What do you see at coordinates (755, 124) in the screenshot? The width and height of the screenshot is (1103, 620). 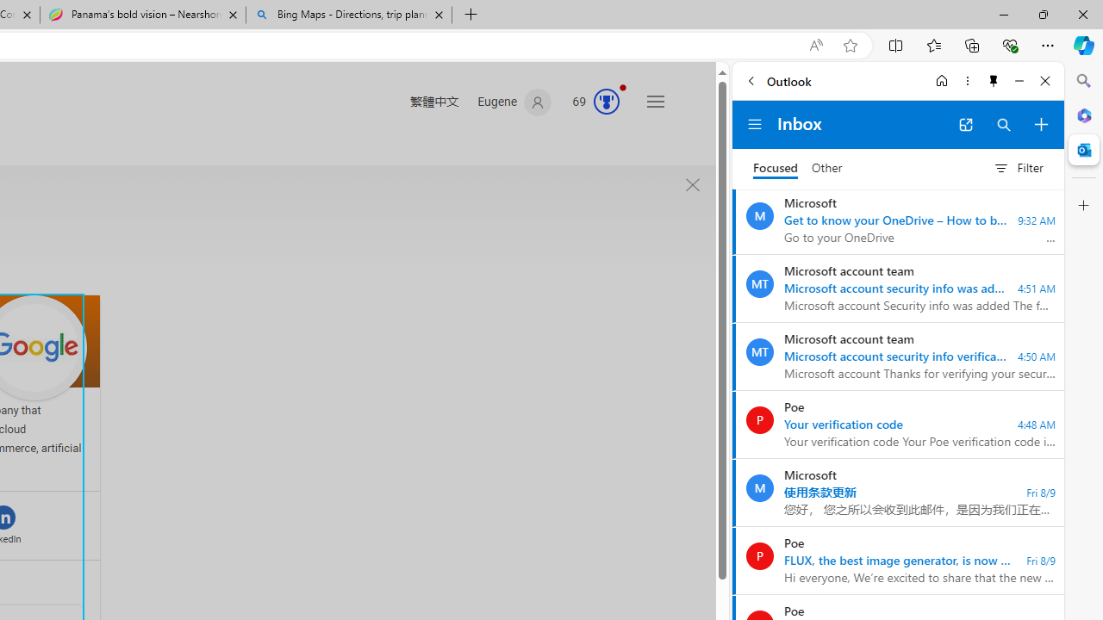 I see `'Folder navigation'` at bounding box center [755, 124].